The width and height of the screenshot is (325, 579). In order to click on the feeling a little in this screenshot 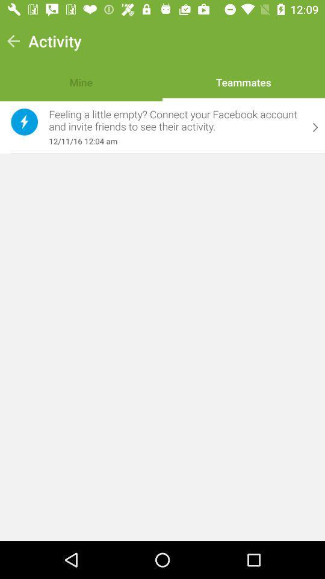, I will do `click(175, 121)`.